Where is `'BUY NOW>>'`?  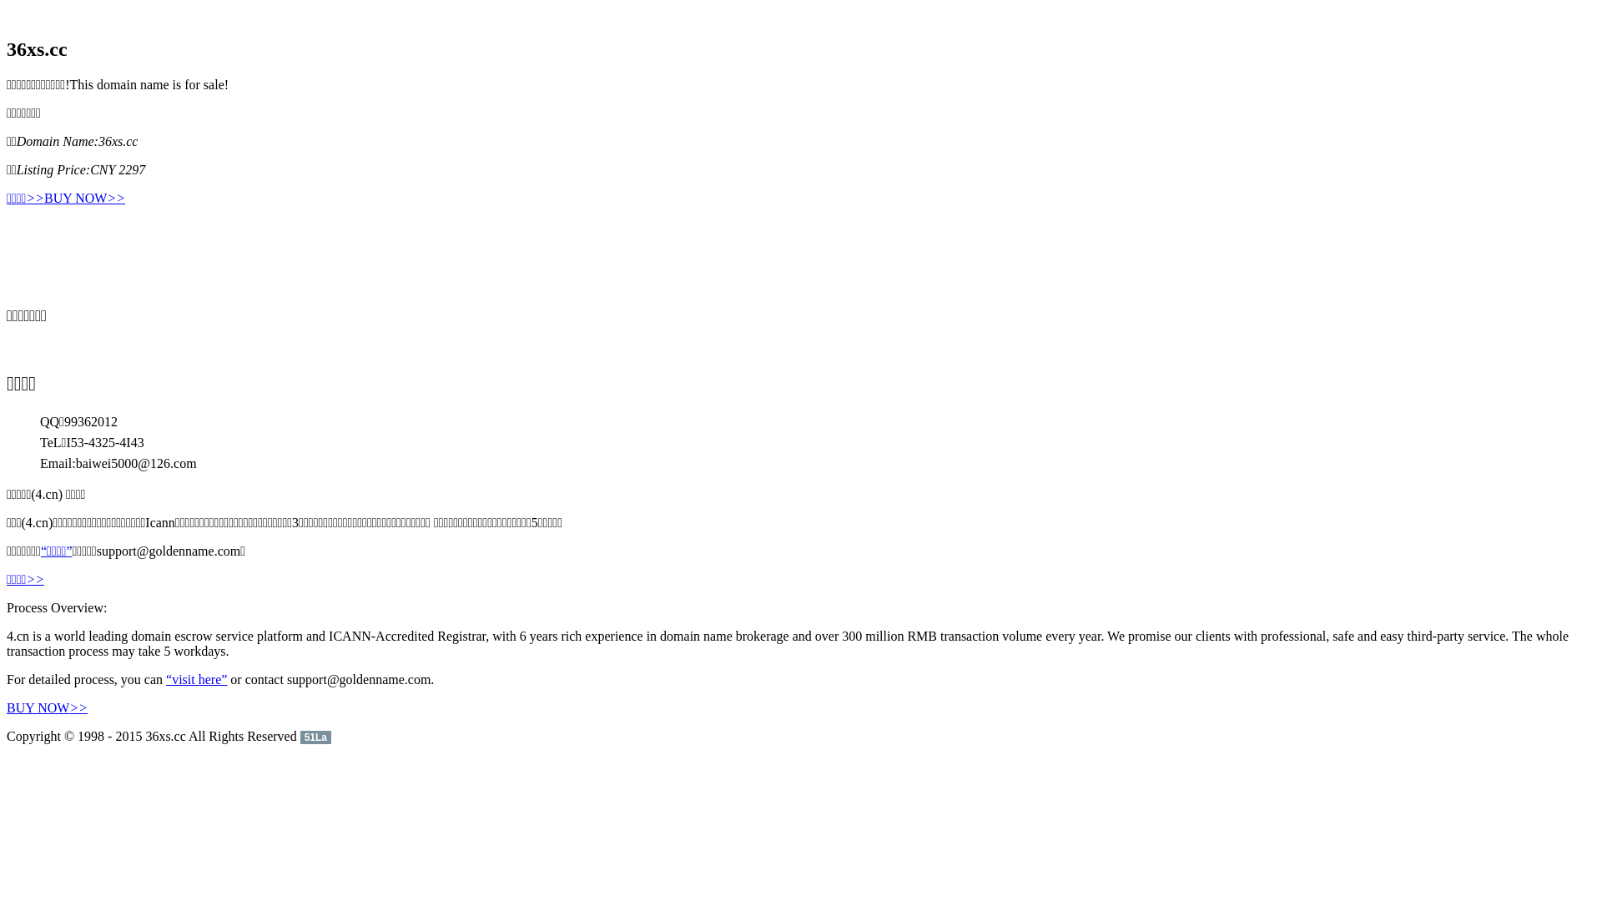
'BUY NOW>>' is located at coordinates (83, 198).